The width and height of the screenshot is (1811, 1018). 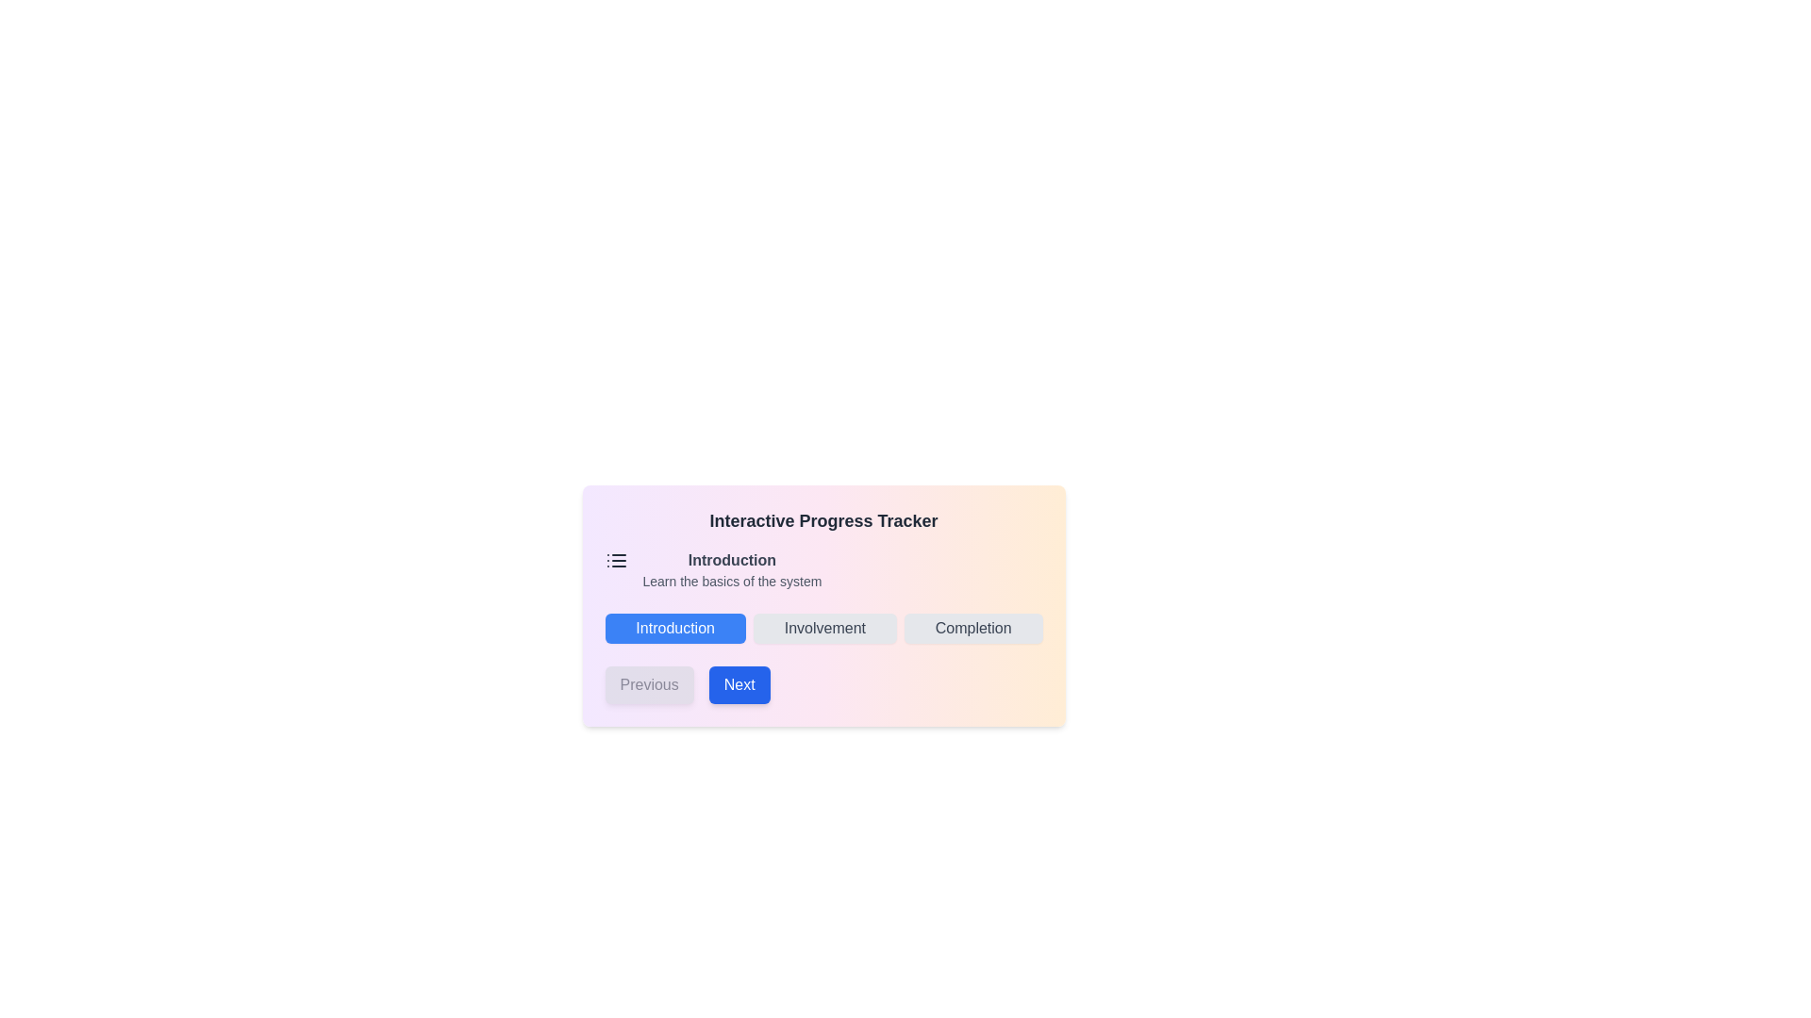 What do you see at coordinates (823, 606) in the screenshot?
I see `the 'Introduction', 'Involvement', or 'Completion' button in the 'Interactive Progress Tracker' section to change the progress step` at bounding box center [823, 606].